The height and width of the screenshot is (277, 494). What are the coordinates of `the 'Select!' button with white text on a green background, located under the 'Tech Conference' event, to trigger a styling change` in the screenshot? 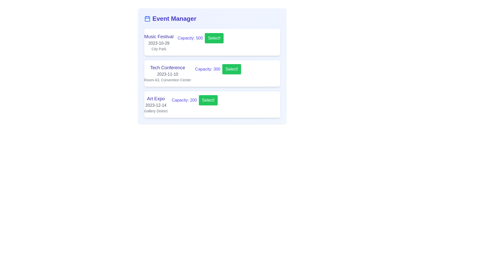 It's located at (231, 69).